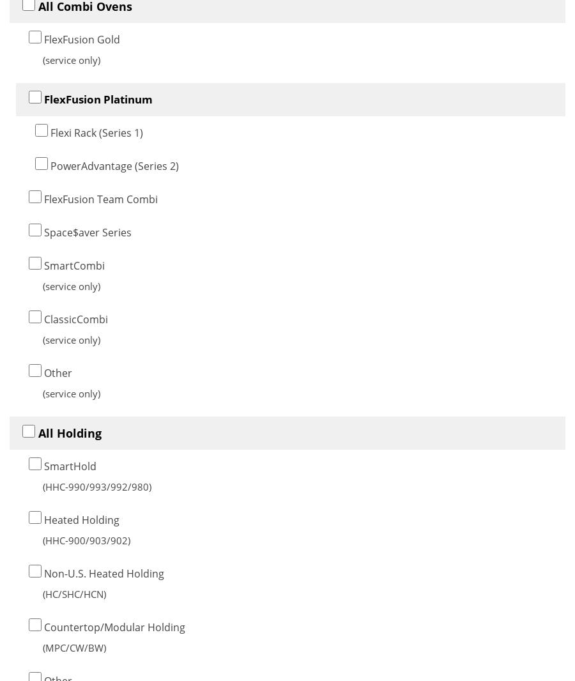 Image resolution: width=575 pixels, height=681 pixels. I want to click on 'Non-U.S. Heated Holding', so click(103, 573).